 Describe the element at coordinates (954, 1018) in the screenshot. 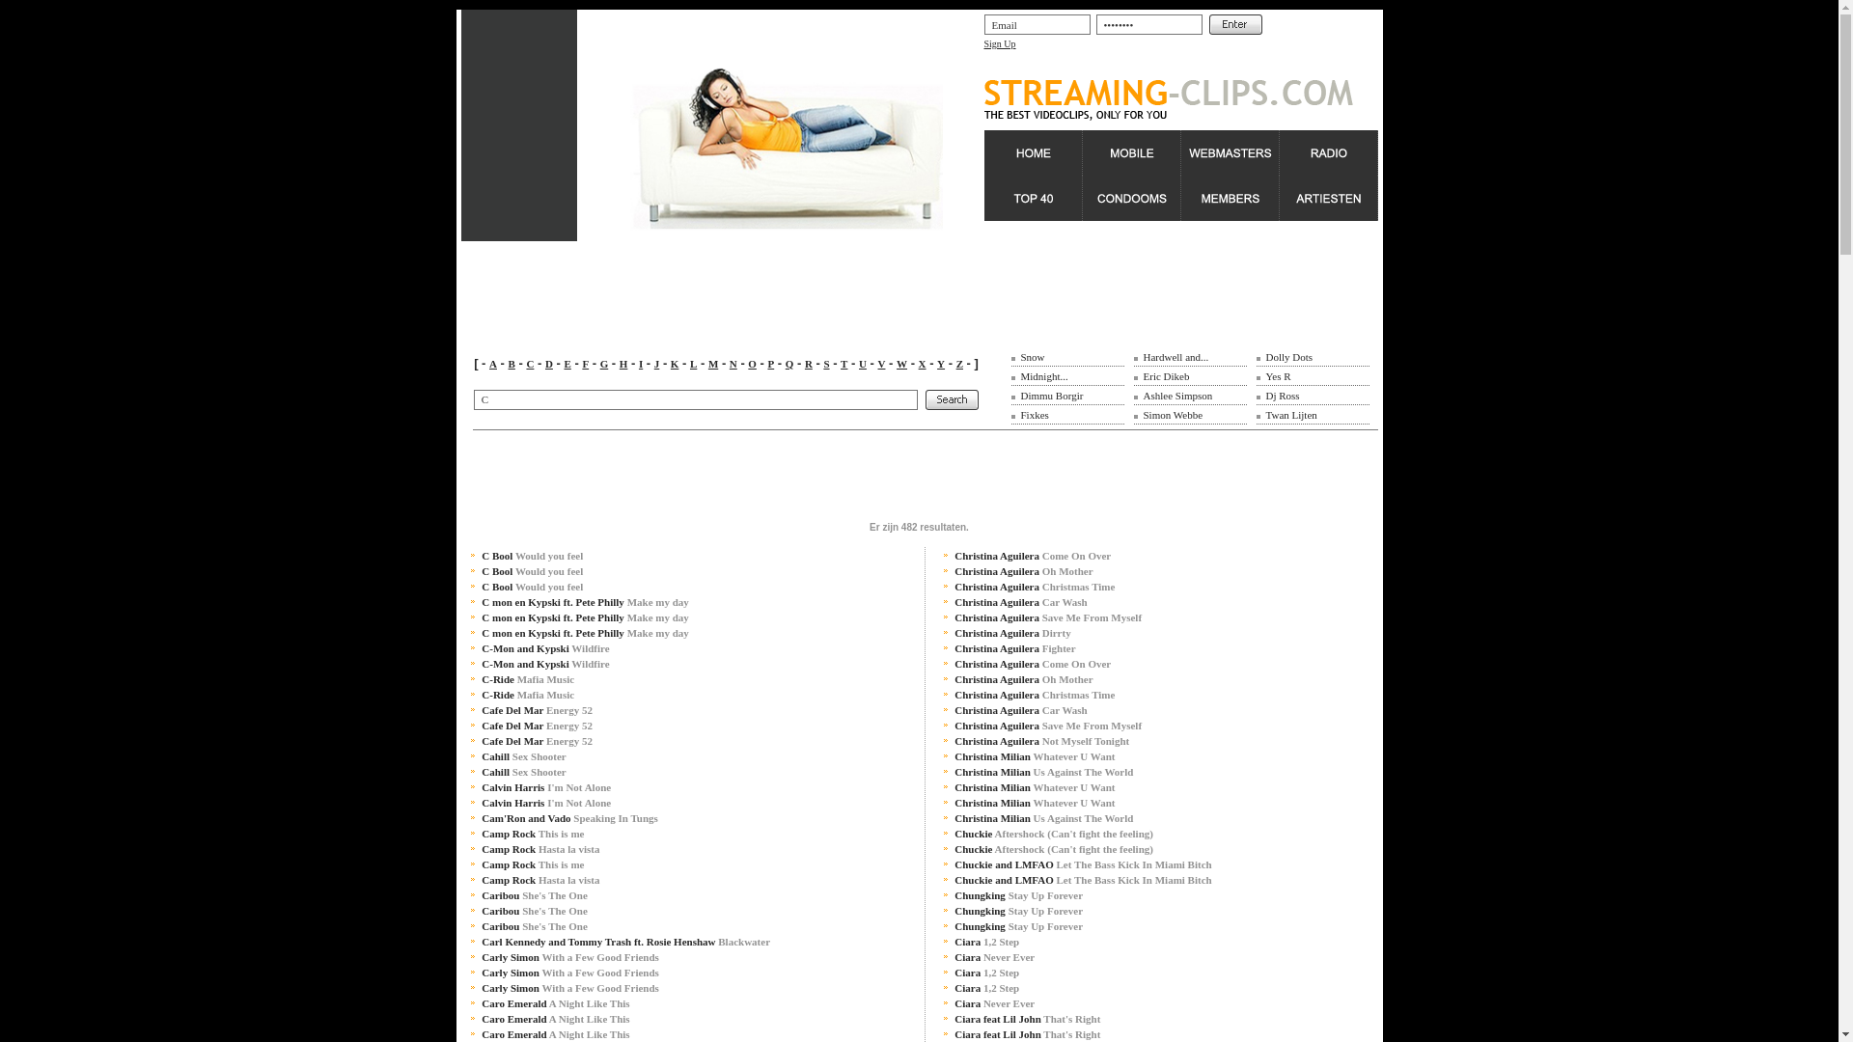

I see `'Ciara feat Lil John That's Right'` at that location.